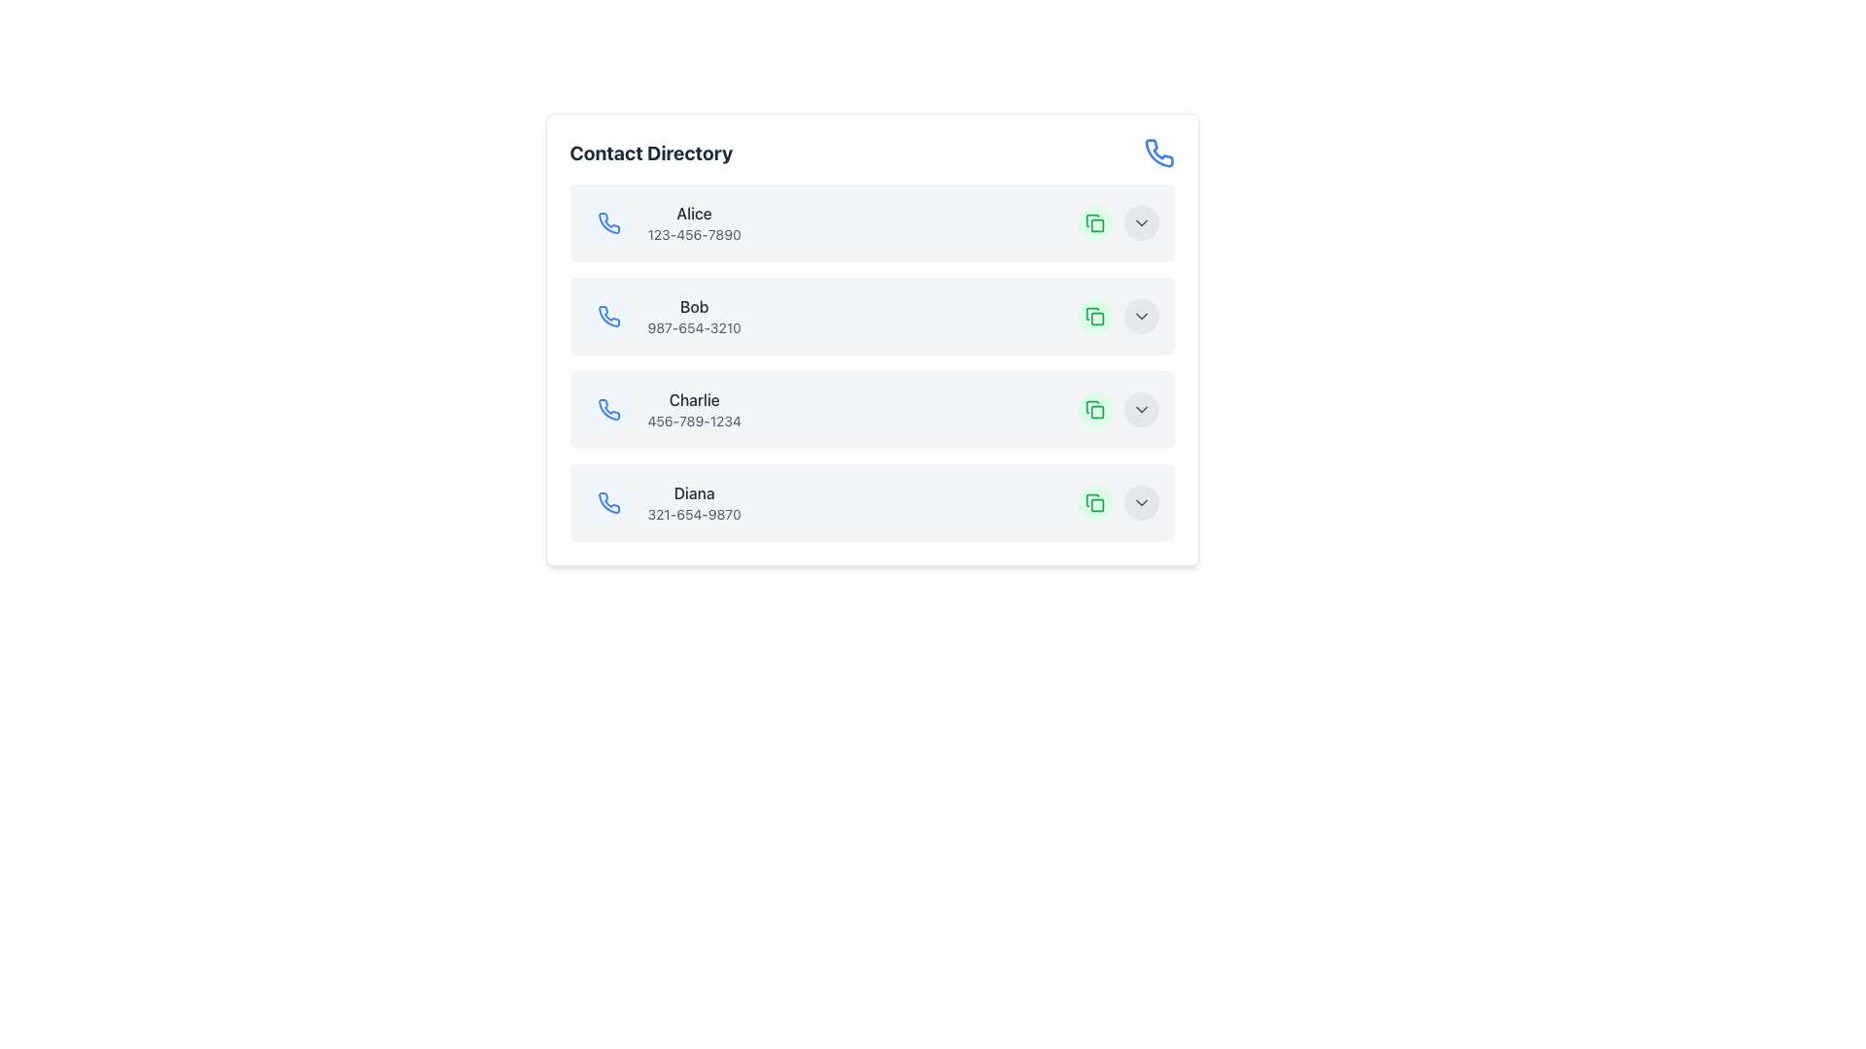  Describe the element at coordinates (1094, 408) in the screenshot. I see `the 'copy' icon depicted as overlapping squares in the contact entry labeled 'Charlie' (456-789-1234)` at that location.